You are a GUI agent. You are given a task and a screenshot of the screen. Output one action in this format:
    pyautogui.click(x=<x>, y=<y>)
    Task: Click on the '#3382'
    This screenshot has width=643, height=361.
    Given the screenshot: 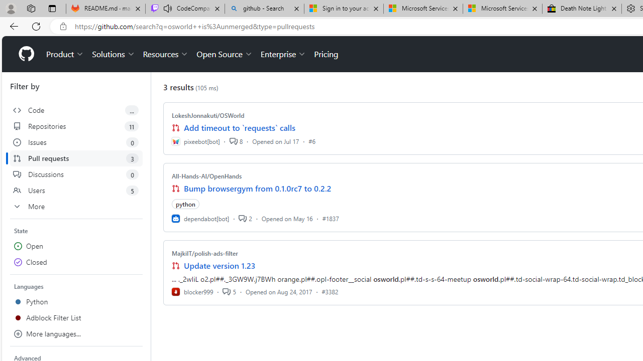 What is the action you would take?
    pyautogui.click(x=330, y=291)
    